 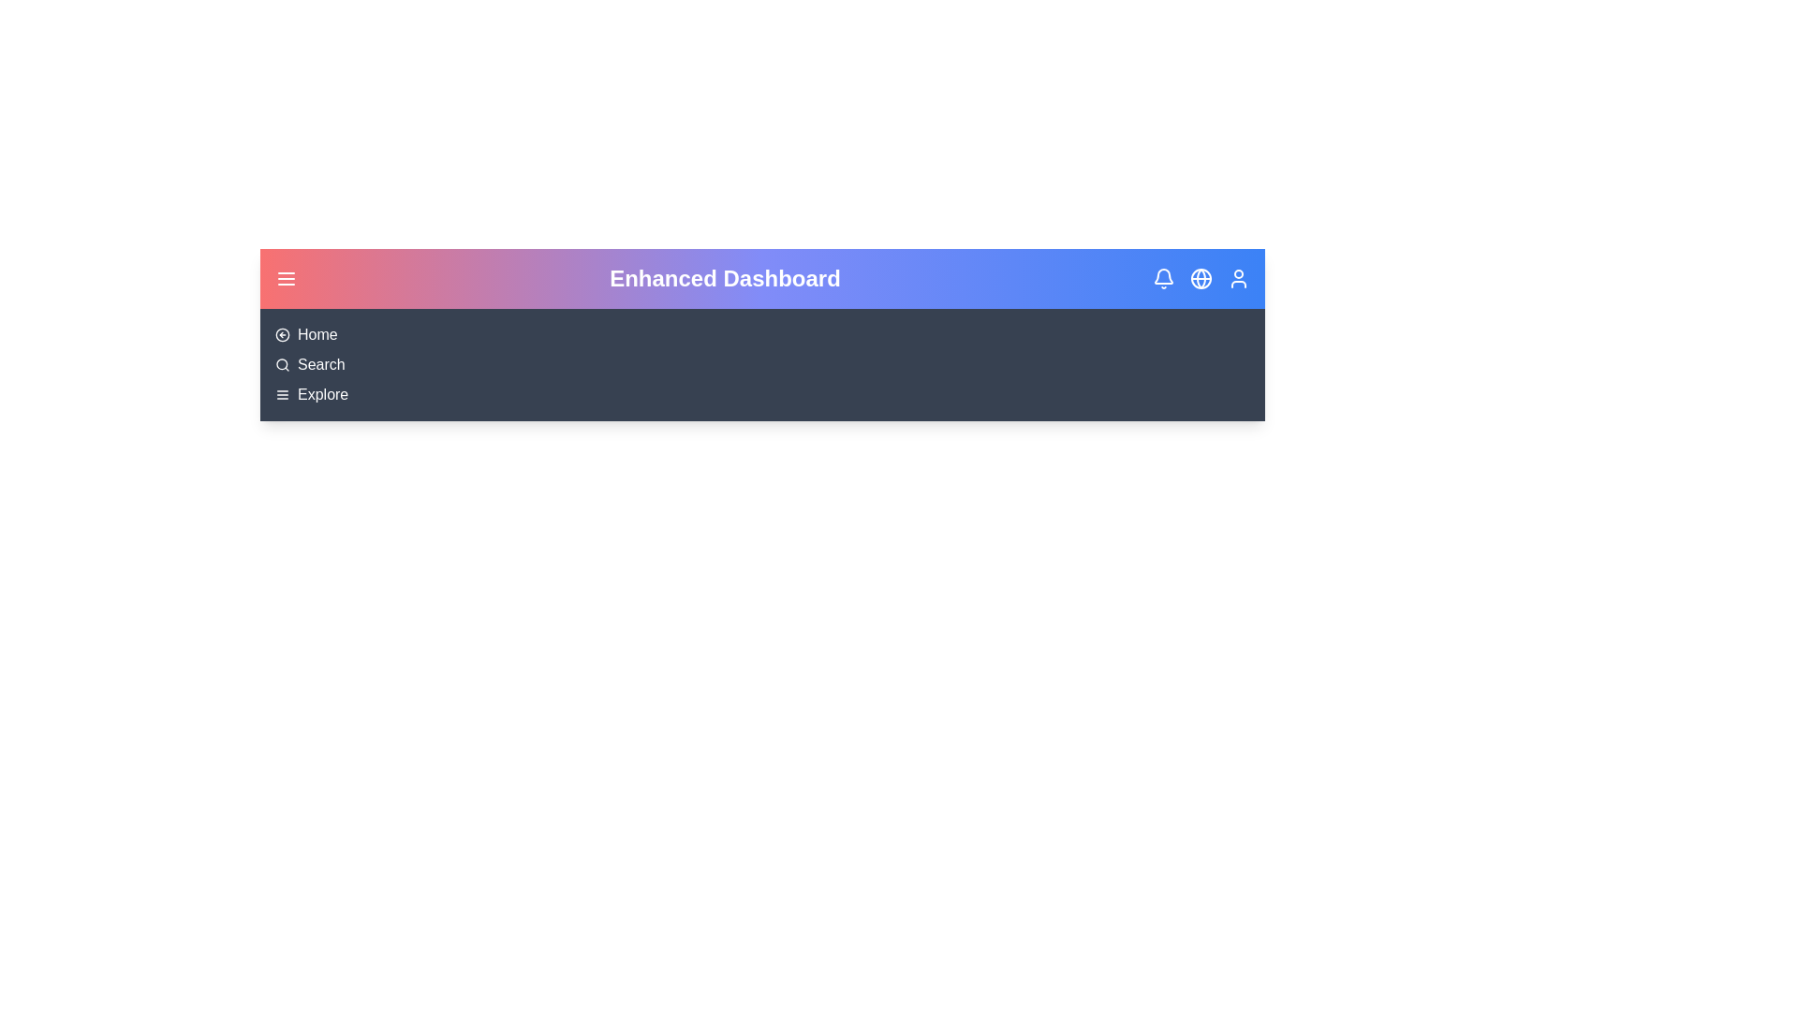 I want to click on the explore element, so click(x=323, y=393).